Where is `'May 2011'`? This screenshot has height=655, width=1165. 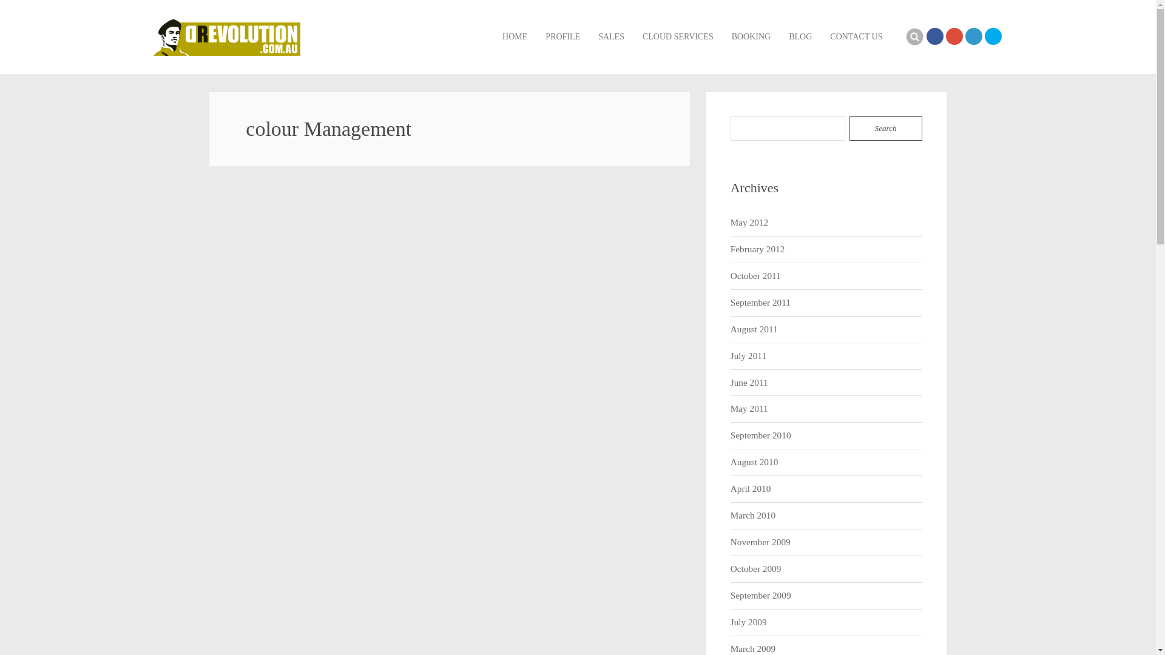
'May 2011' is located at coordinates (748, 409).